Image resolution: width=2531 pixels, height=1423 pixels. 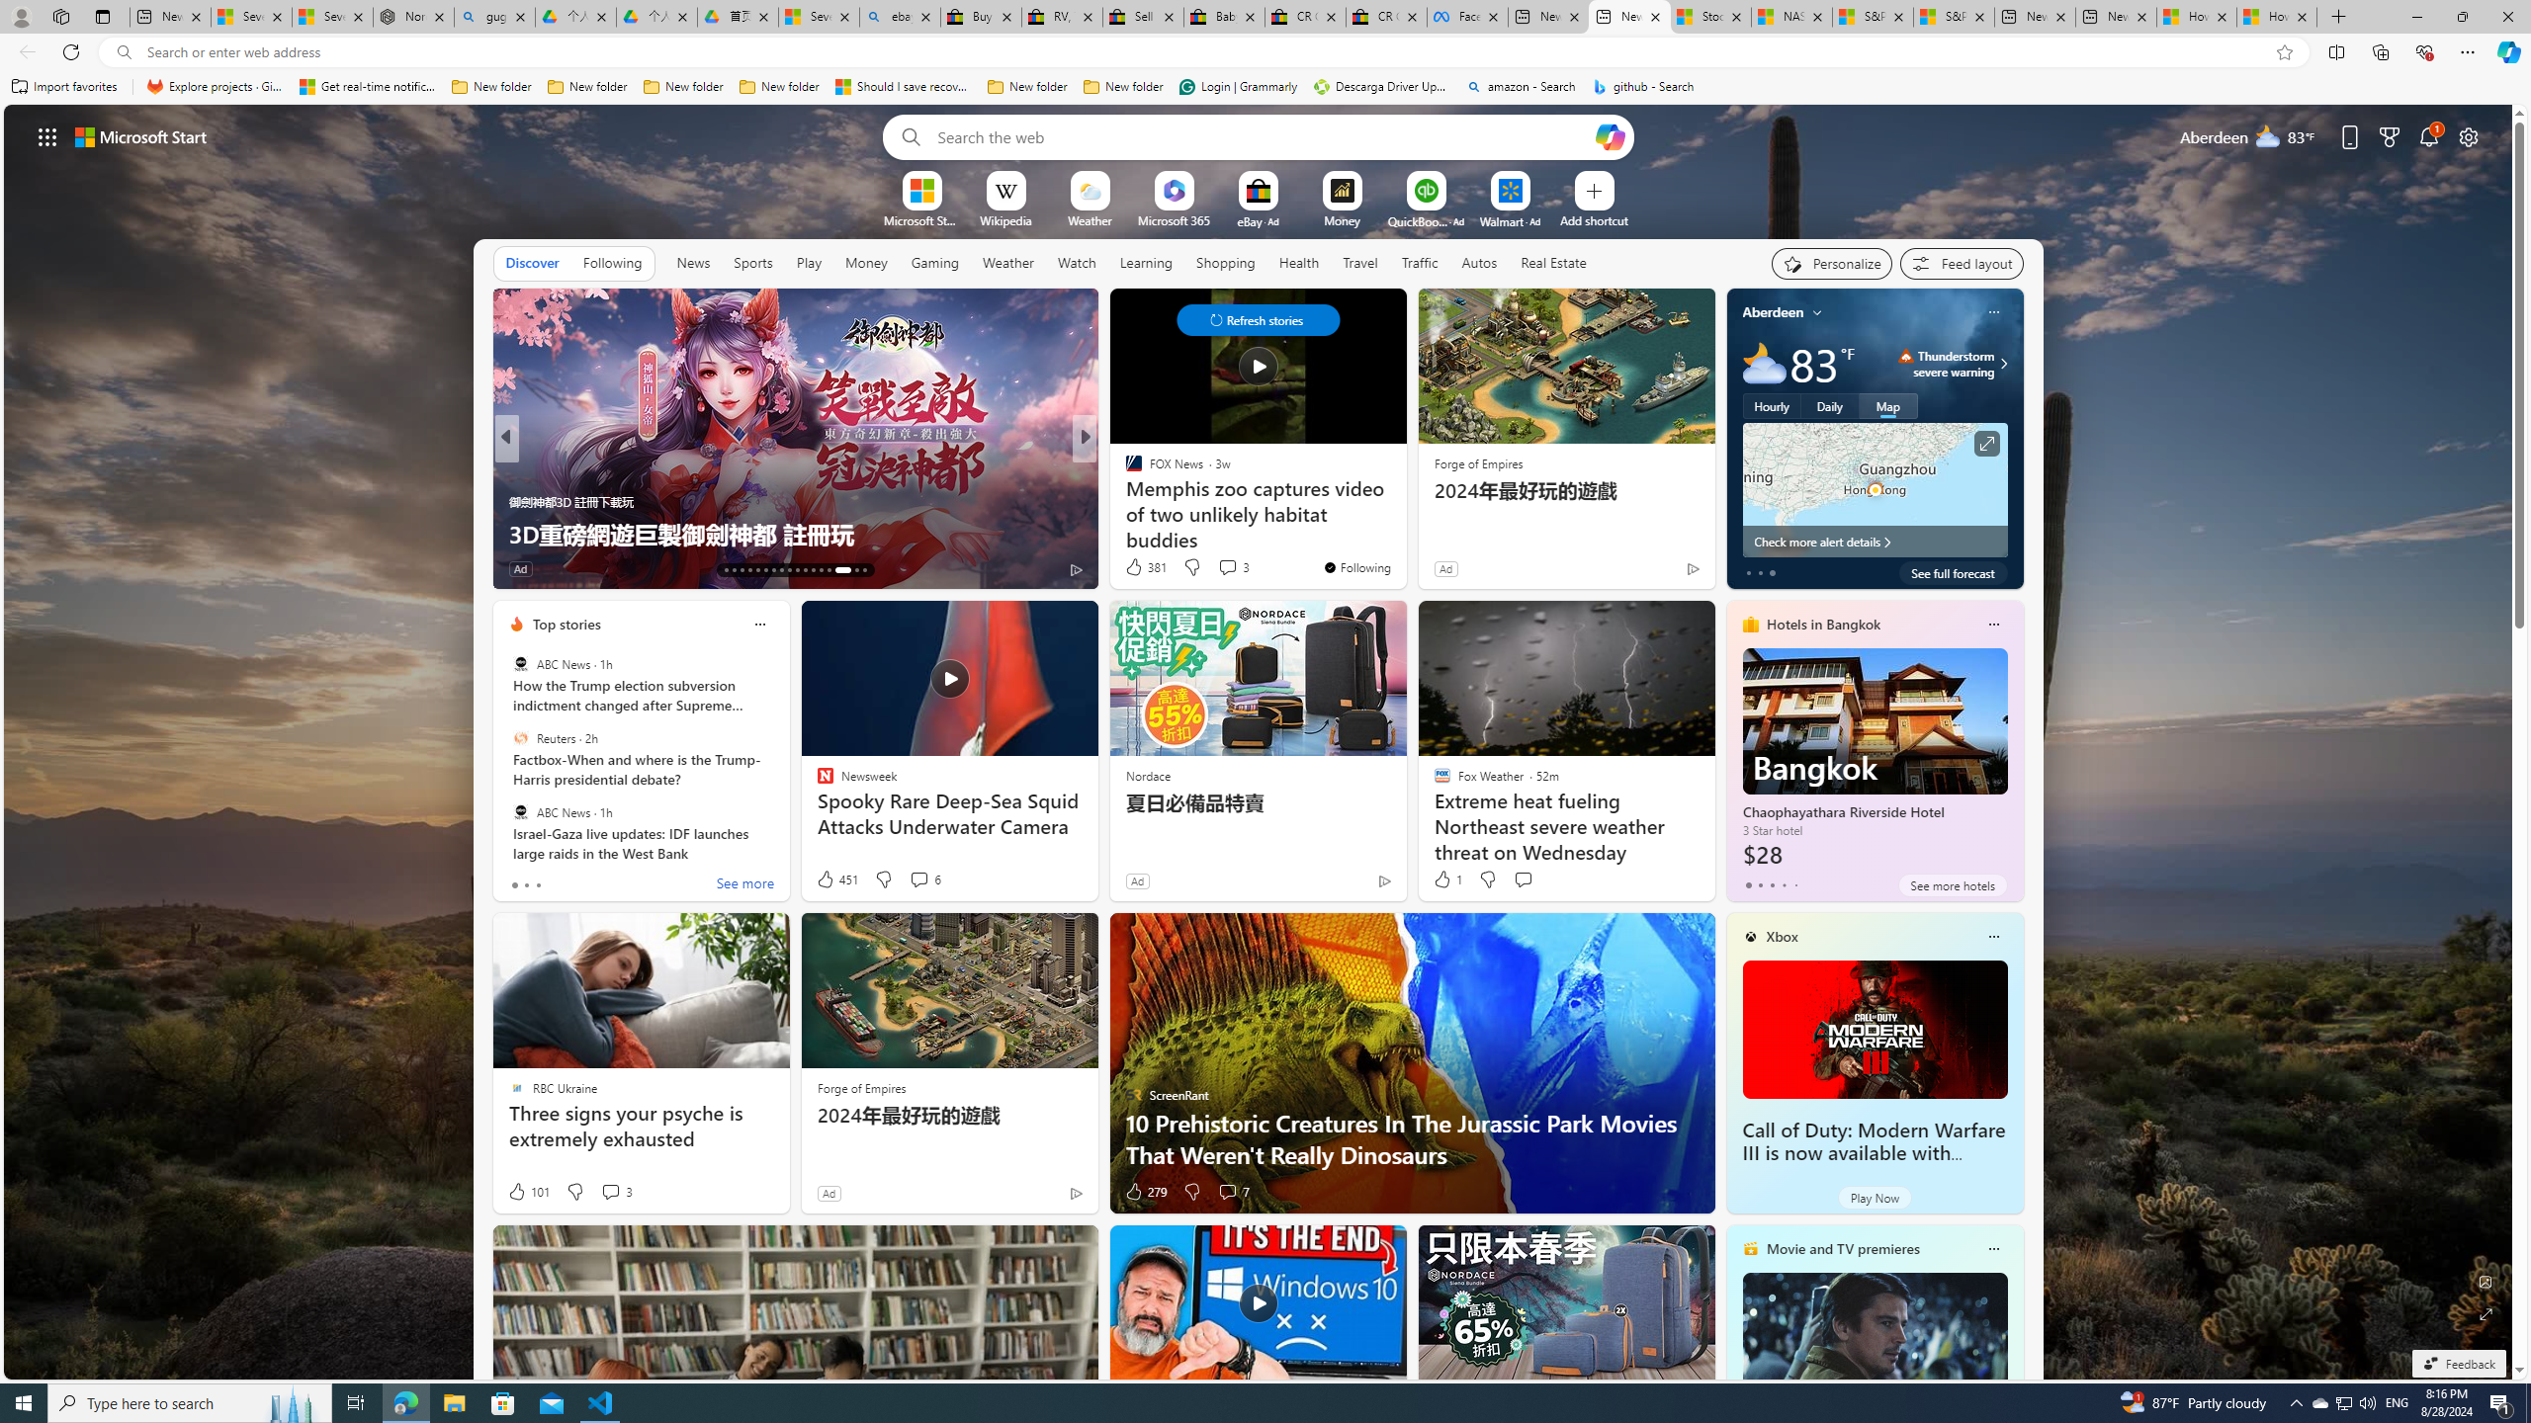 I want to click on 'Health', so click(x=1297, y=262).